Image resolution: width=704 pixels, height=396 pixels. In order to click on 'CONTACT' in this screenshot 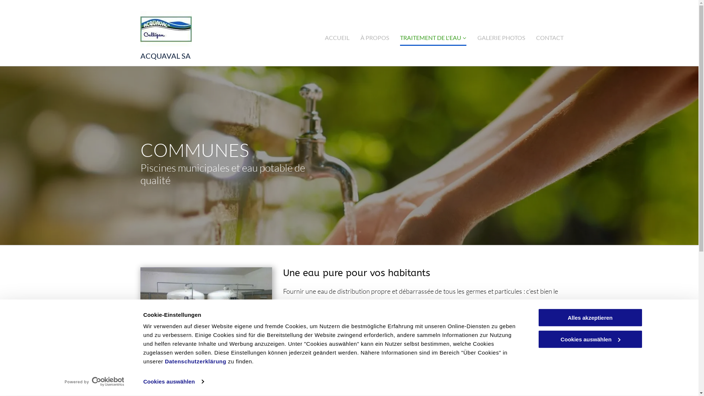, I will do `click(550, 37)`.